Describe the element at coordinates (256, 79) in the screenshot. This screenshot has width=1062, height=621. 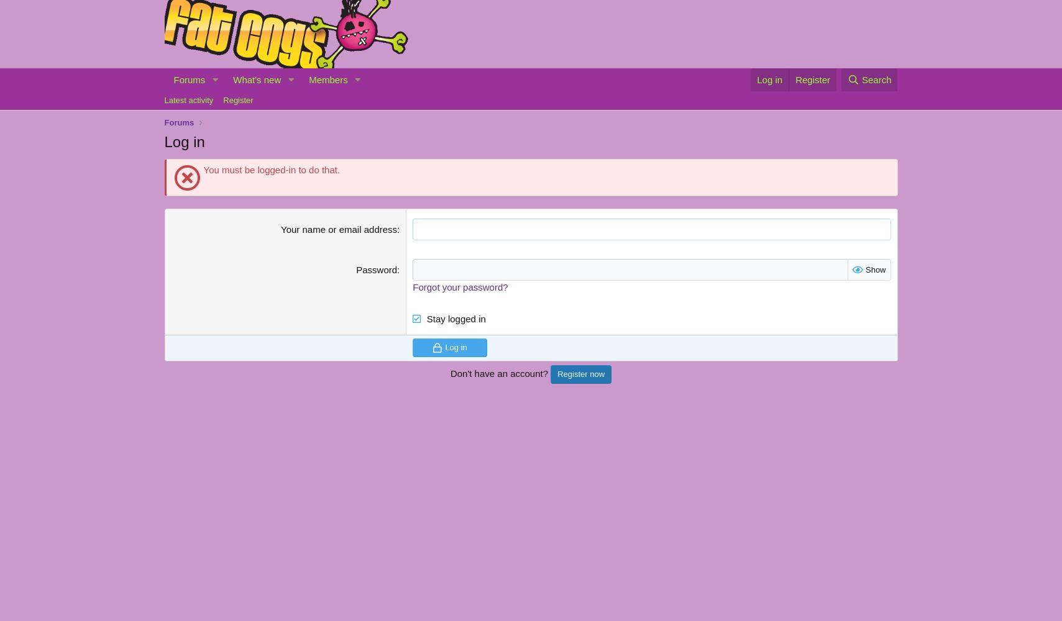
I see `'What's new'` at that location.